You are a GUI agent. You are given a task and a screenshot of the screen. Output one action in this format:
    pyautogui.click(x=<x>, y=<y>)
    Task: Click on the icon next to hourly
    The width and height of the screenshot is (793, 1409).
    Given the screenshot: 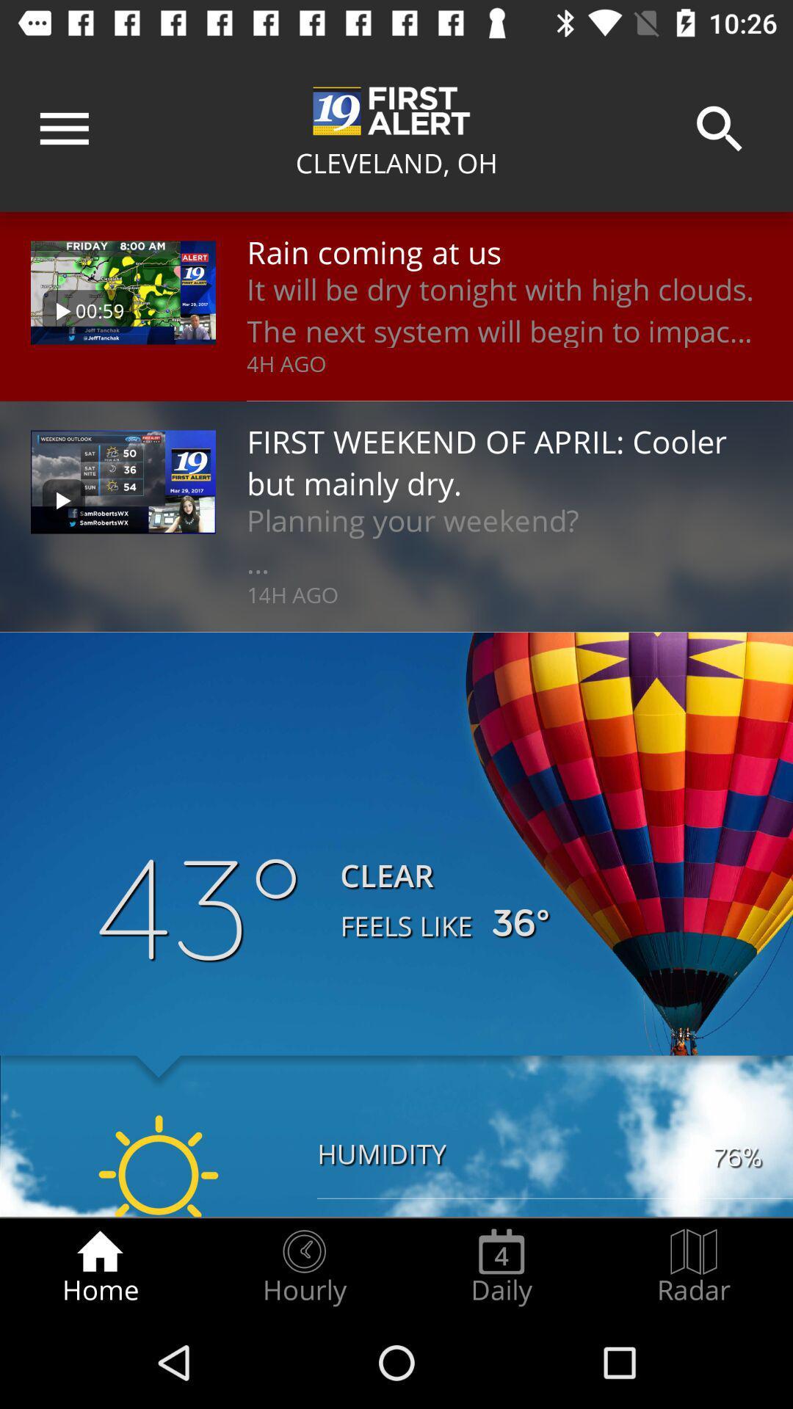 What is the action you would take?
    pyautogui.click(x=501, y=1267)
    